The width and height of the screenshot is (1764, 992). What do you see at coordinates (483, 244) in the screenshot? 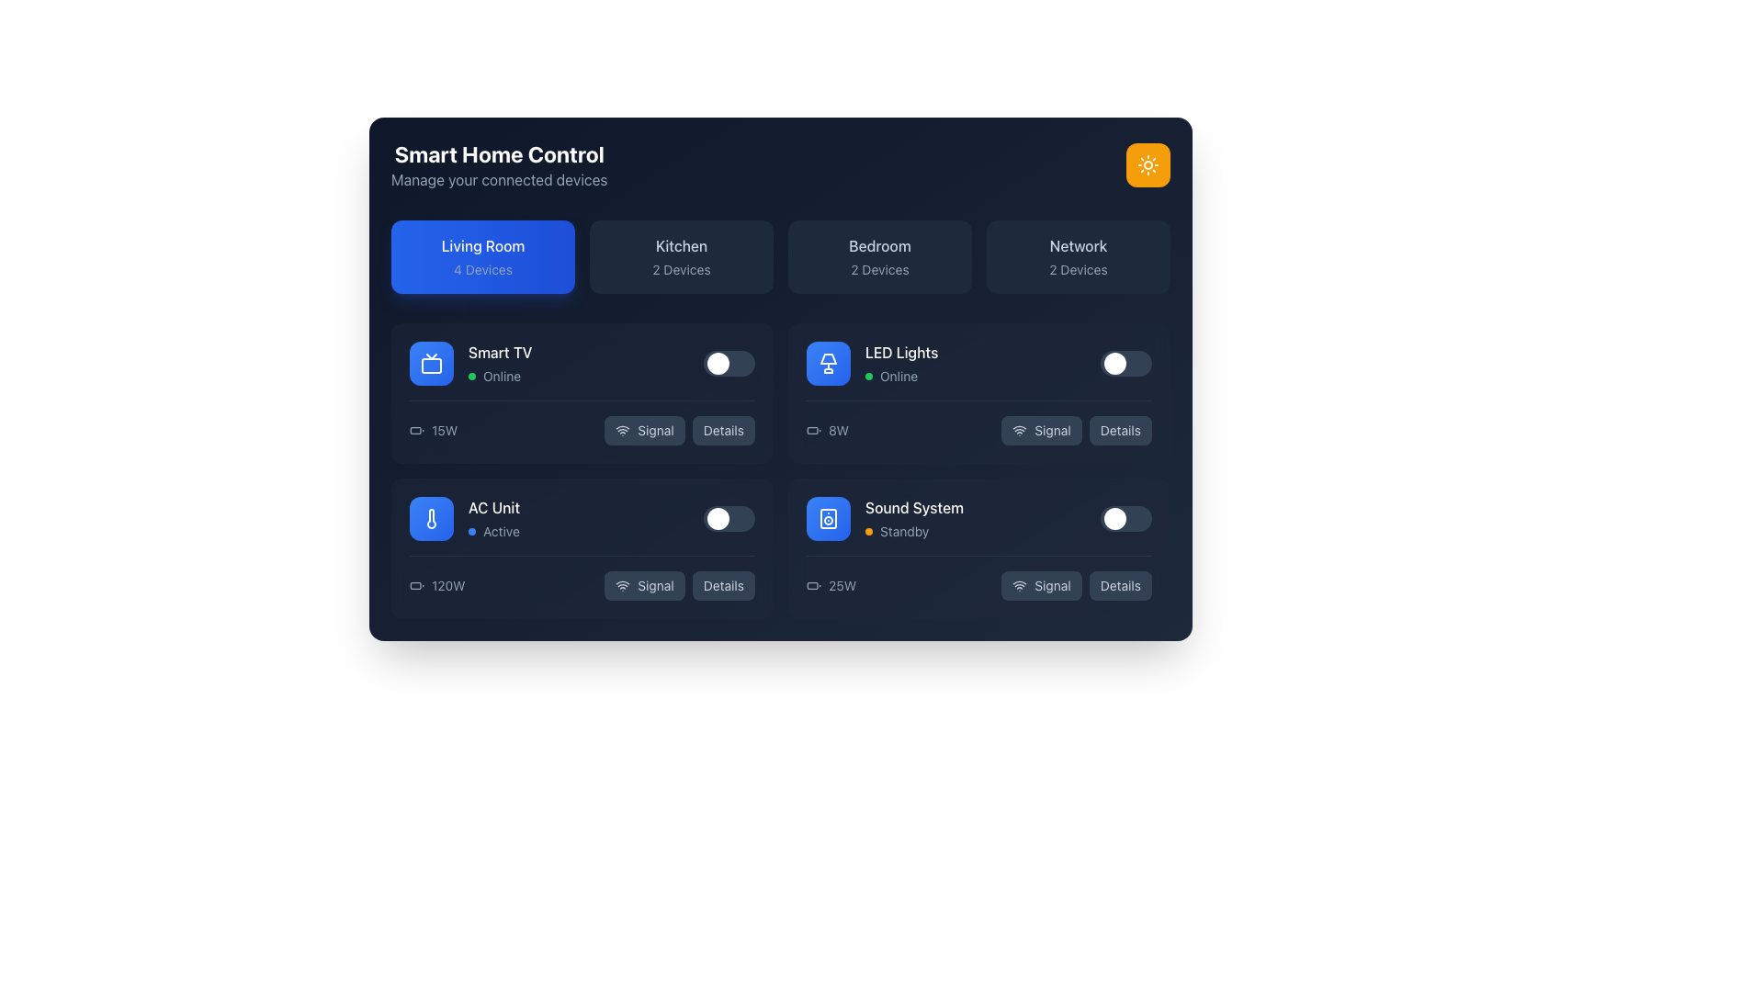
I see `the 'Living Room' label, which displays white text in a medium weight on a blue gradient background with rounded corners, located in the top-left section of the interface` at bounding box center [483, 244].